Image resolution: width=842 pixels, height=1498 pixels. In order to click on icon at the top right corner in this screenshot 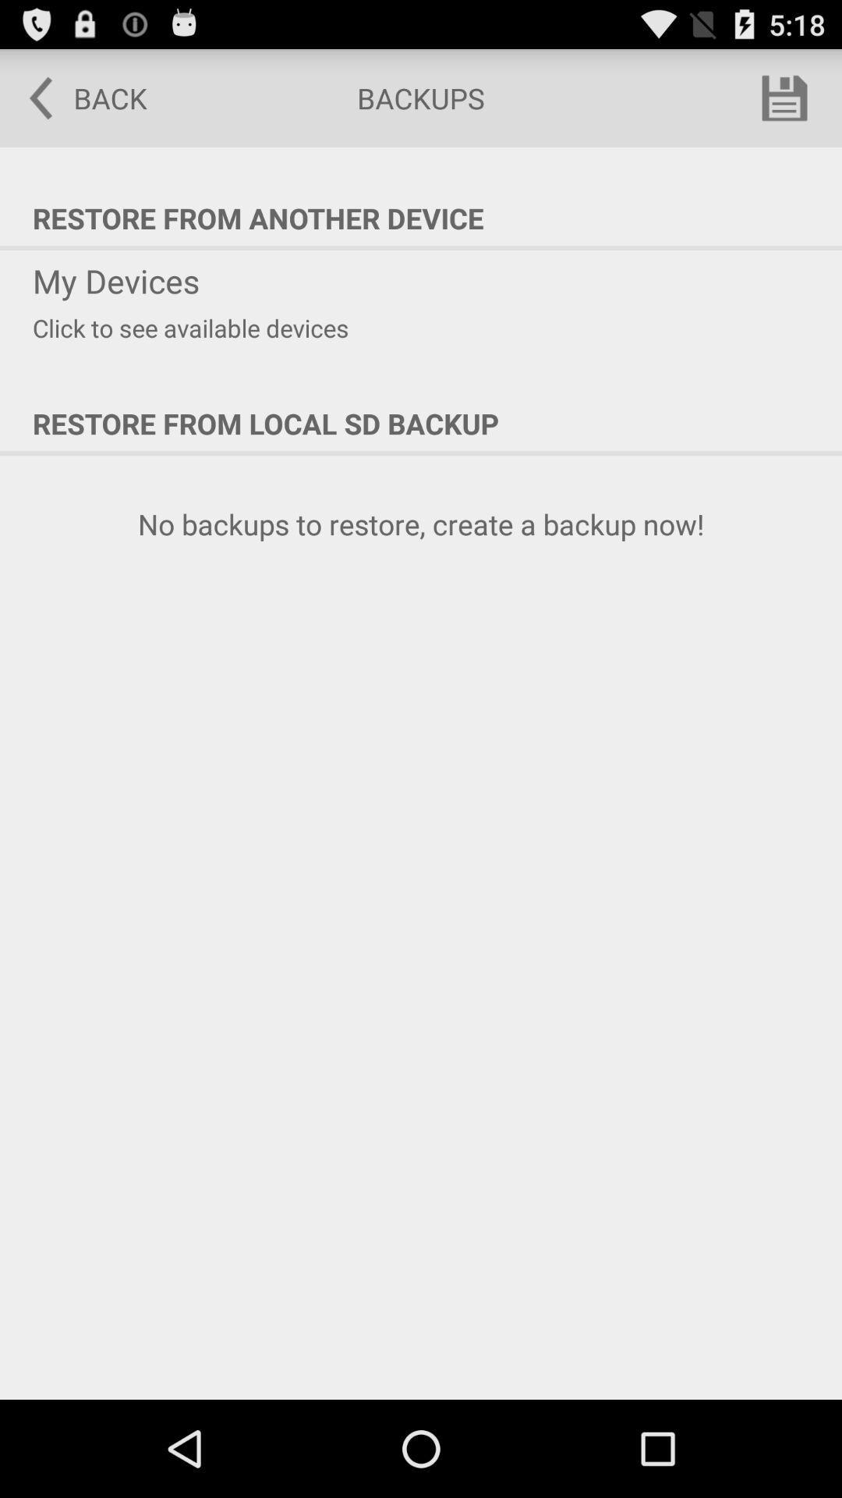, I will do `click(784, 97)`.